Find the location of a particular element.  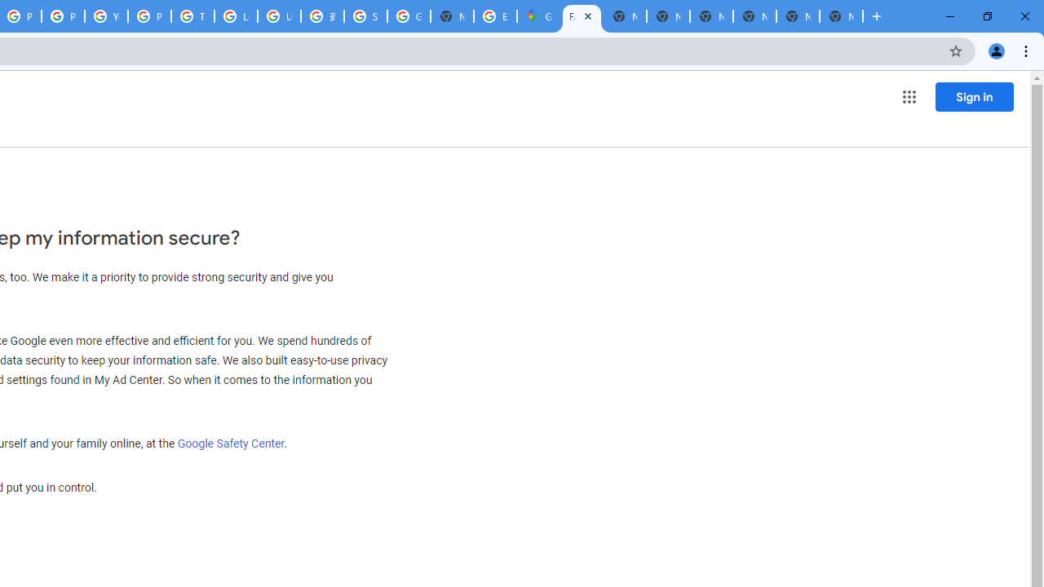

'Sign in - Google Accounts' is located at coordinates (365, 16).